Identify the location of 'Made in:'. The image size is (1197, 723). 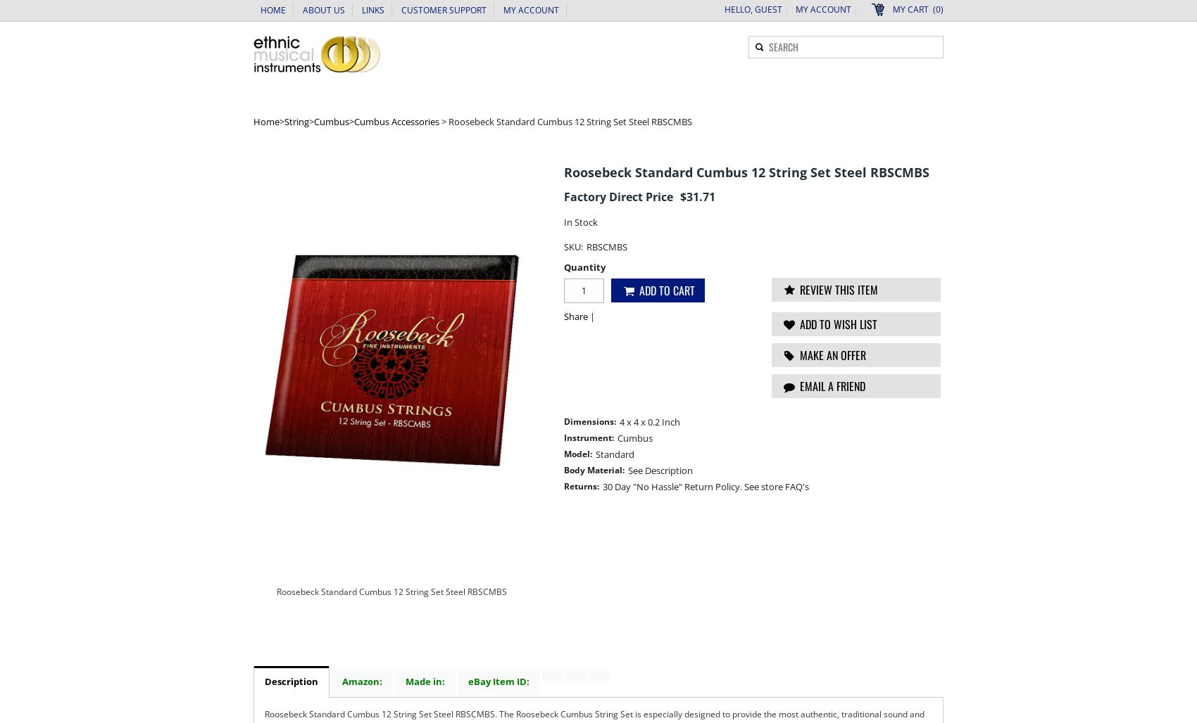
(425, 679).